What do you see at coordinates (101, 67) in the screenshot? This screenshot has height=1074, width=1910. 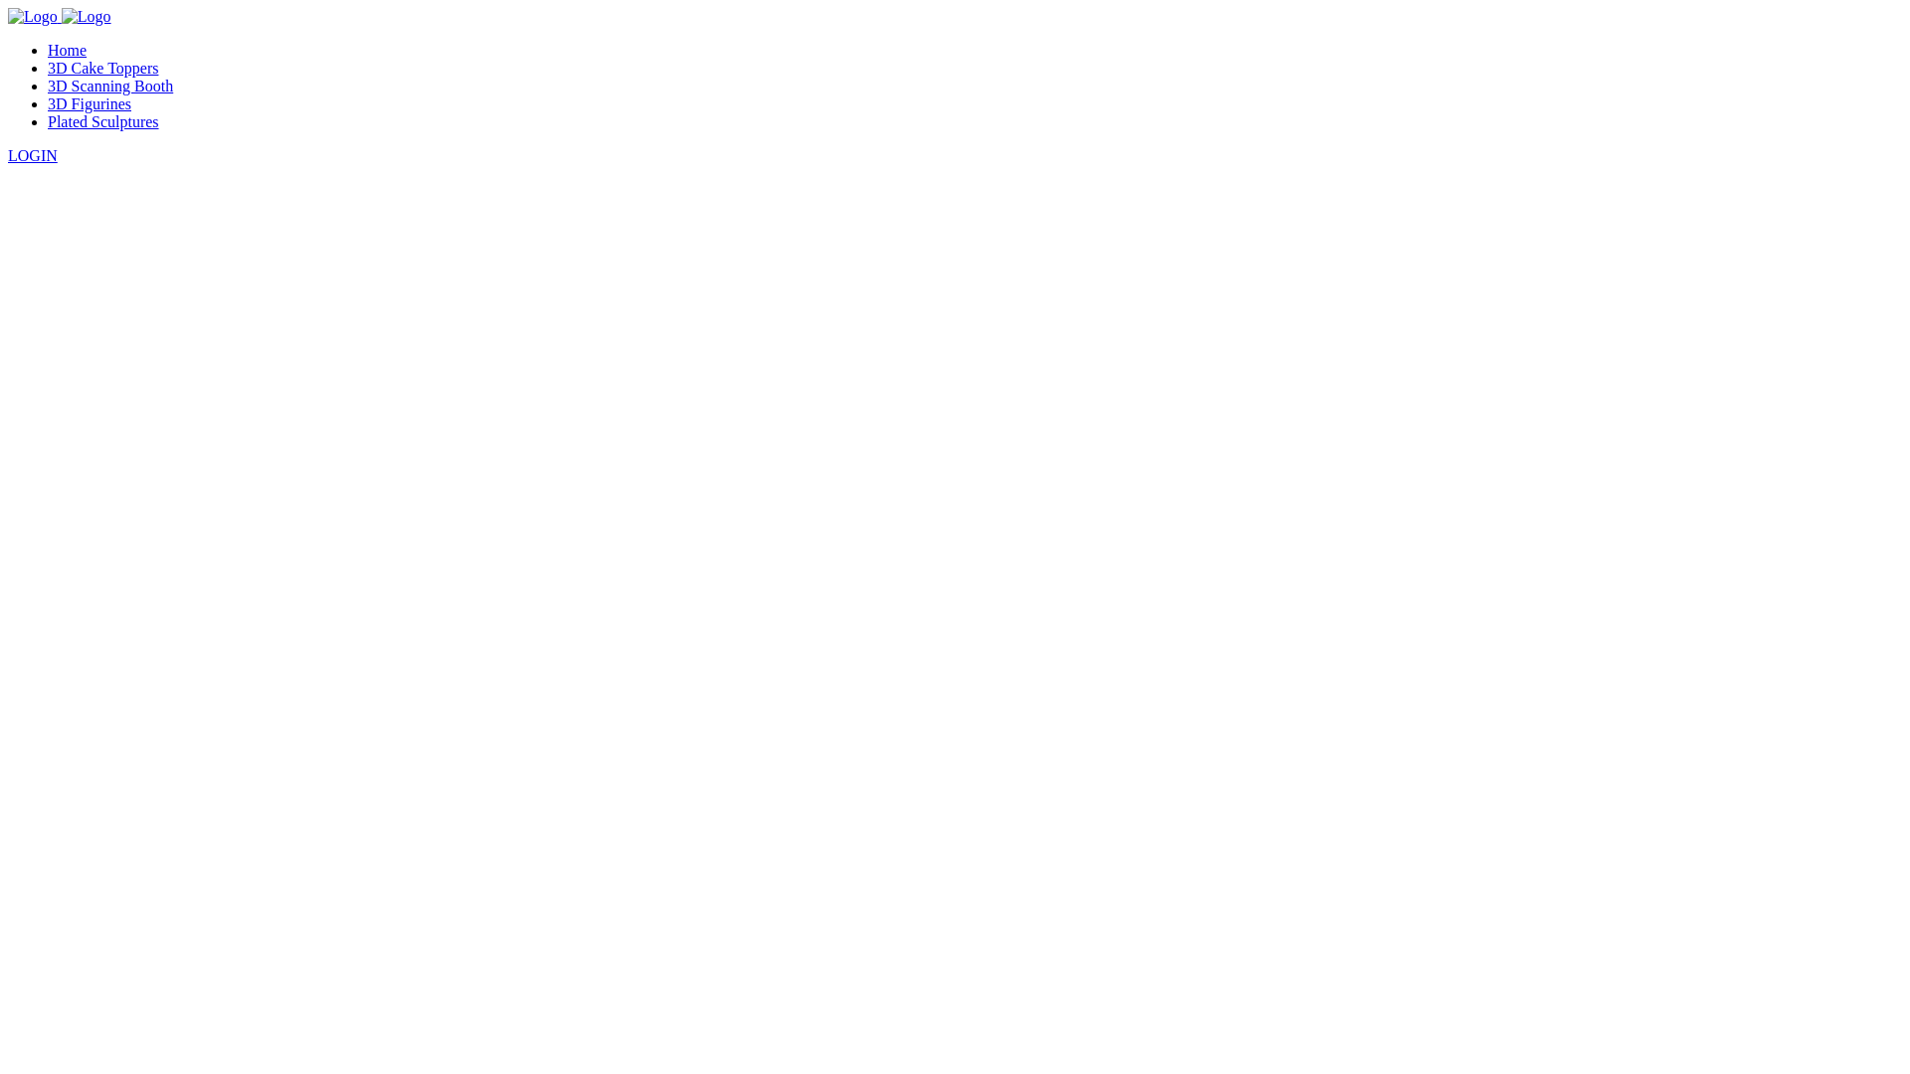 I see `'3D Cake Toppers'` at bounding box center [101, 67].